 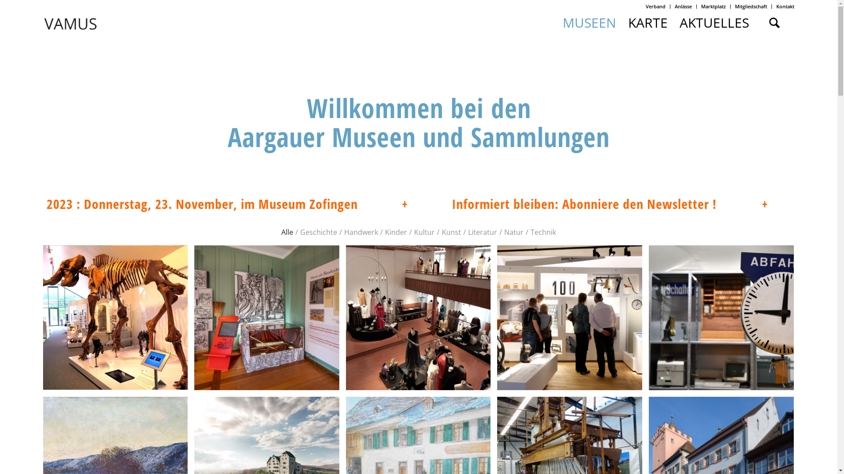 What do you see at coordinates (318, 221) in the screenshot?
I see `'Geschichte'` at bounding box center [318, 221].